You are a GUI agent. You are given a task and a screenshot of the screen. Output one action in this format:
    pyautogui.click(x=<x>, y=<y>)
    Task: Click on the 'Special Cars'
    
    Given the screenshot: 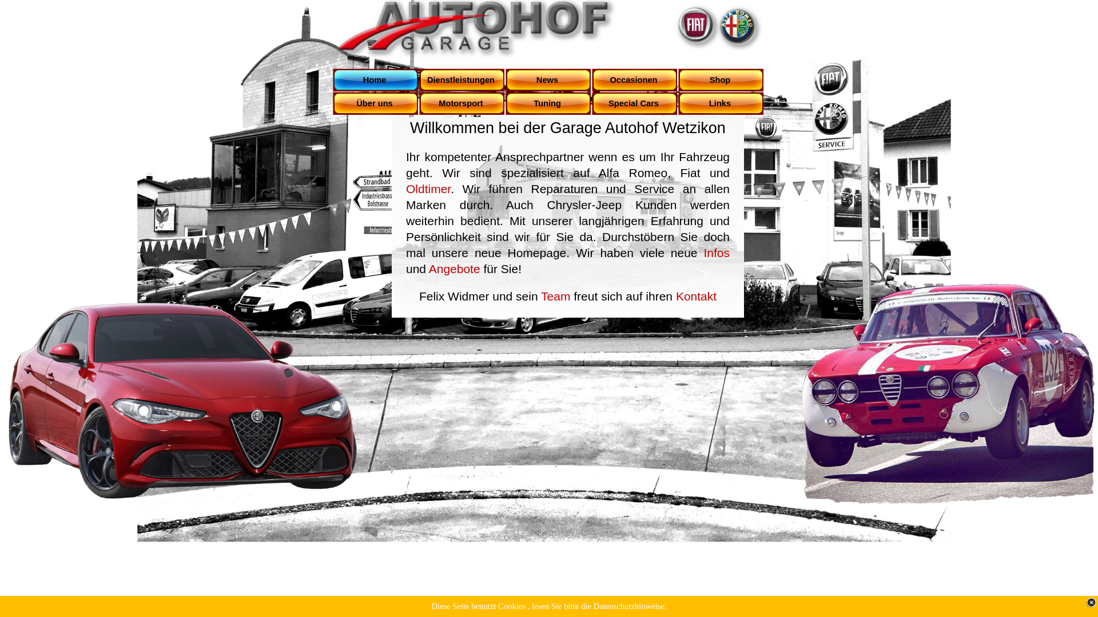 What is the action you would take?
    pyautogui.click(x=592, y=103)
    